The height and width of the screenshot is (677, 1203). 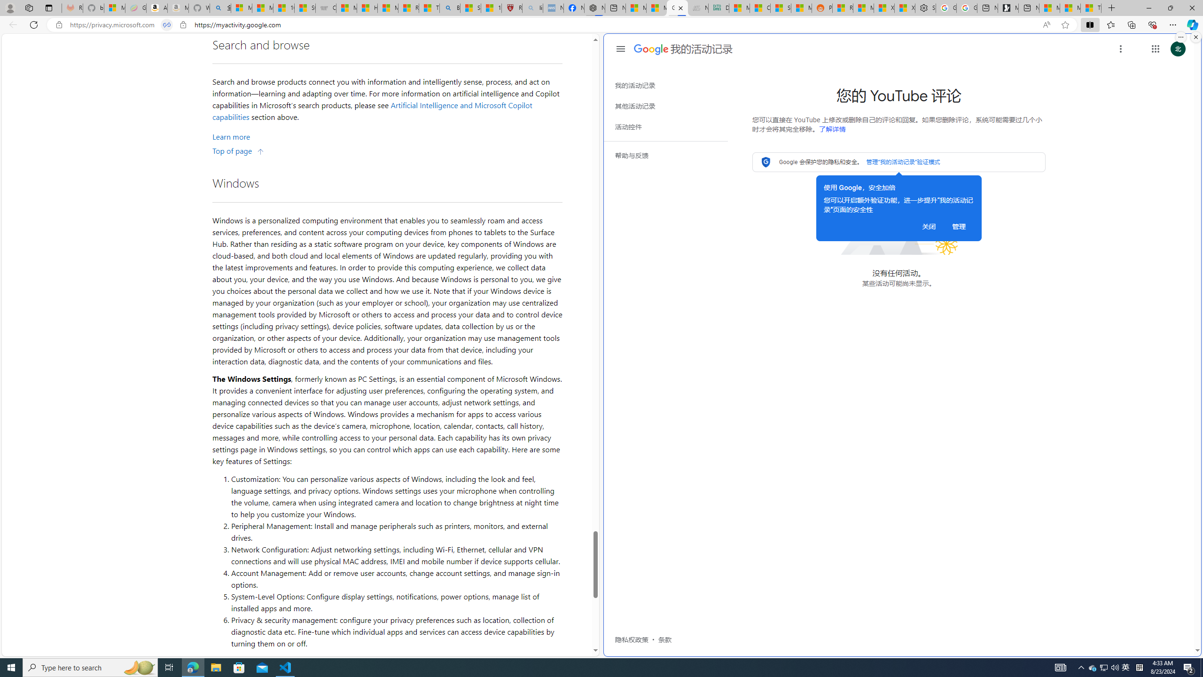 What do you see at coordinates (1111, 24) in the screenshot?
I see `'Favorites'` at bounding box center [1111, 24].